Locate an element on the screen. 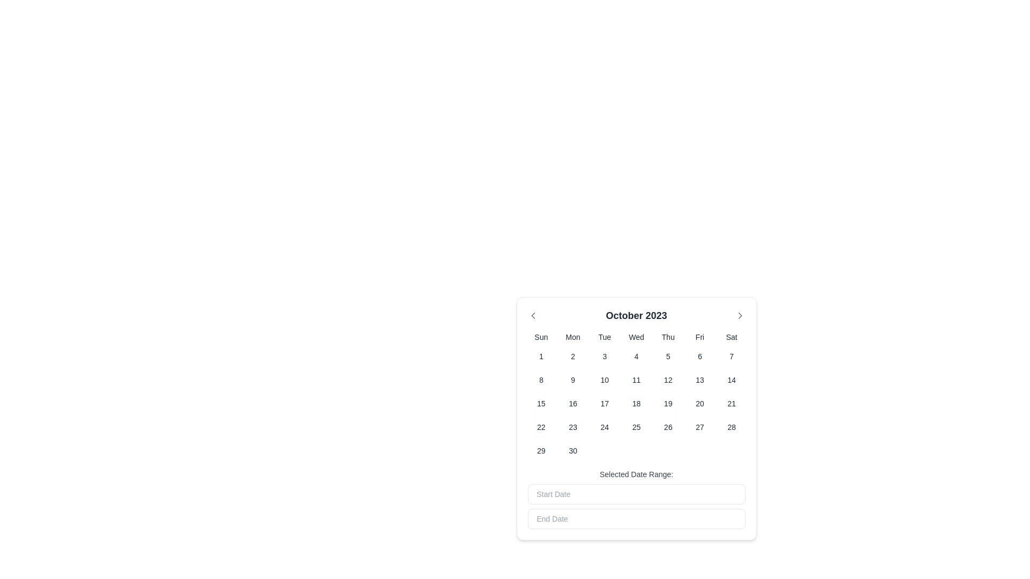 This screenshot has height=579, width=1030. the button is located at coordinates (541, 380).